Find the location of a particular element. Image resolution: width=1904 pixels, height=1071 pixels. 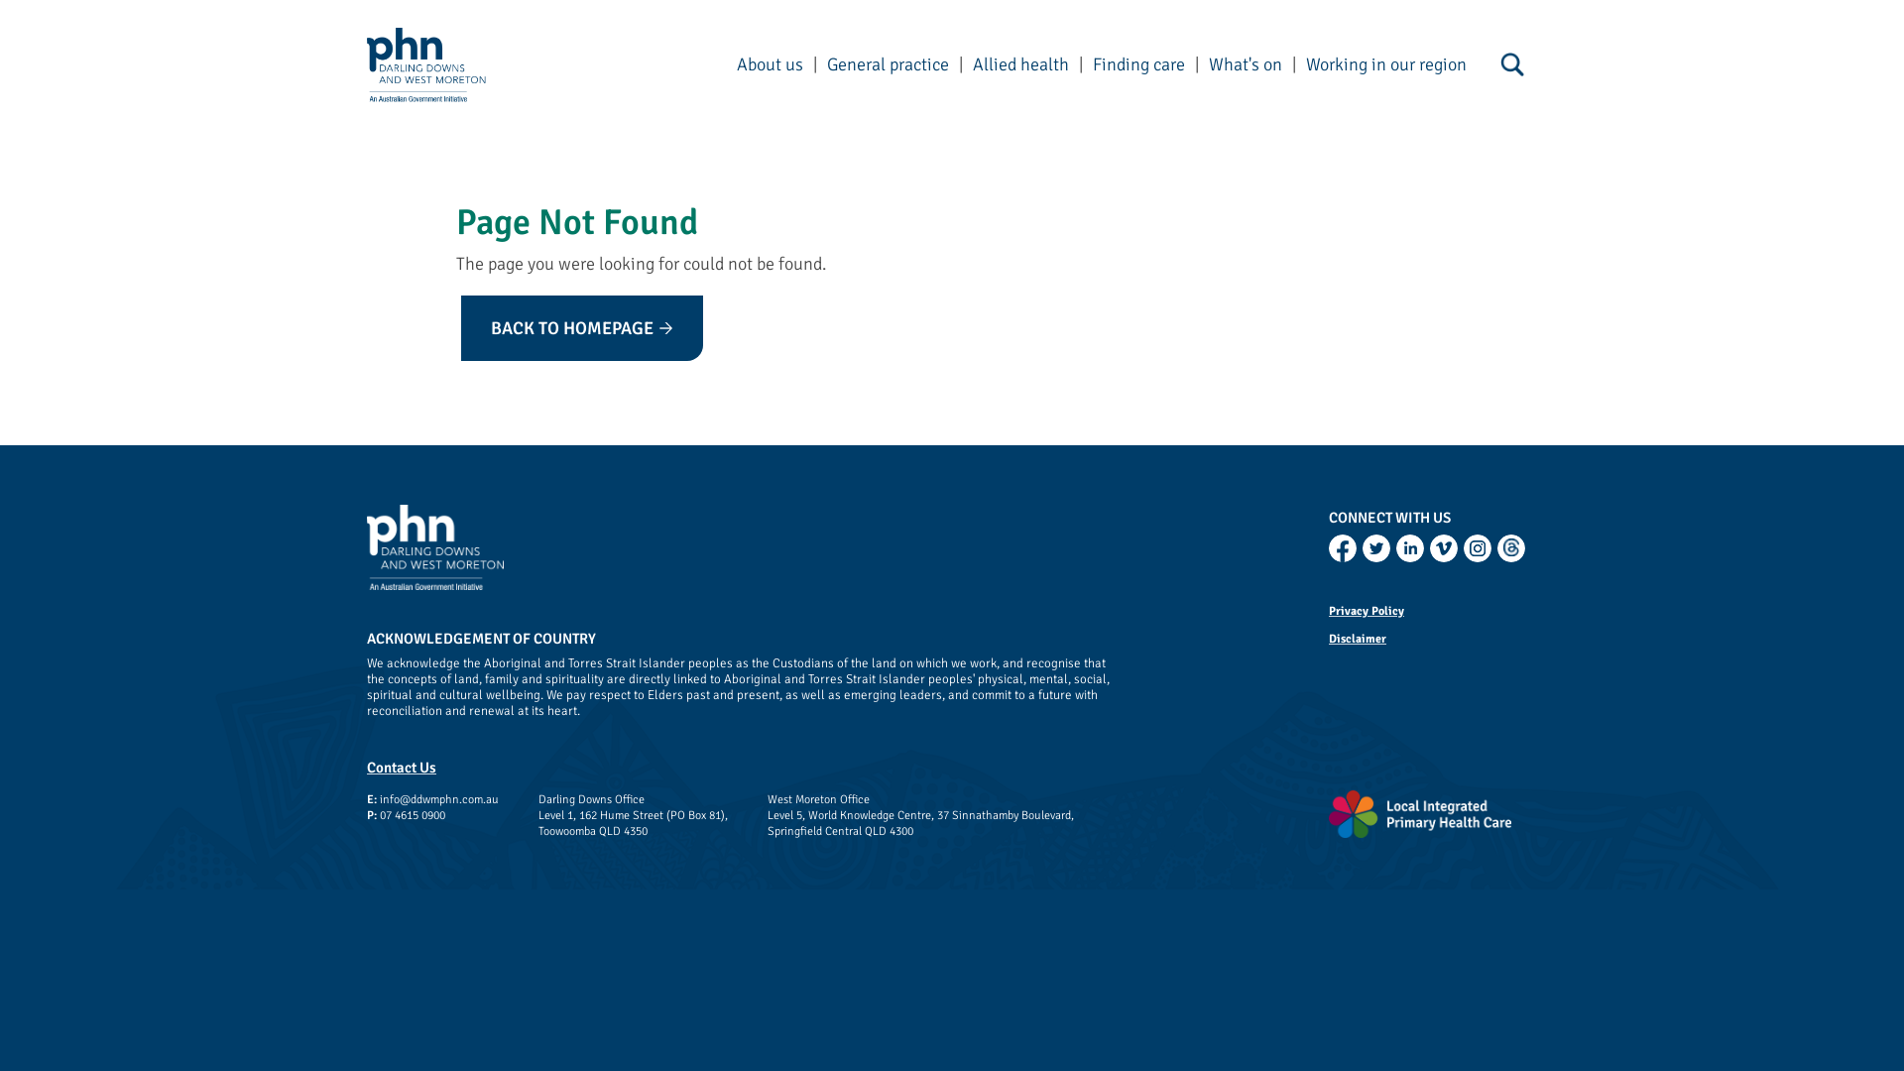

'General practice' is located at coordinates (887, 63).